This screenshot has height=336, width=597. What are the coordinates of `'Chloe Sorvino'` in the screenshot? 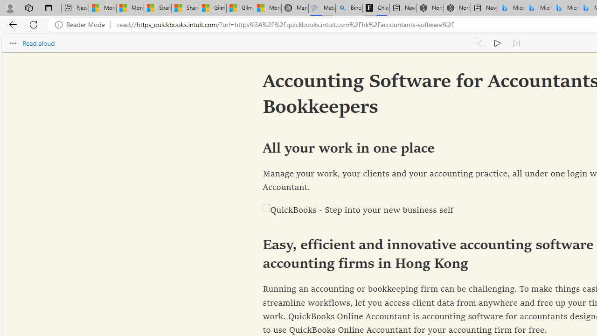 It's located at (376, 8).